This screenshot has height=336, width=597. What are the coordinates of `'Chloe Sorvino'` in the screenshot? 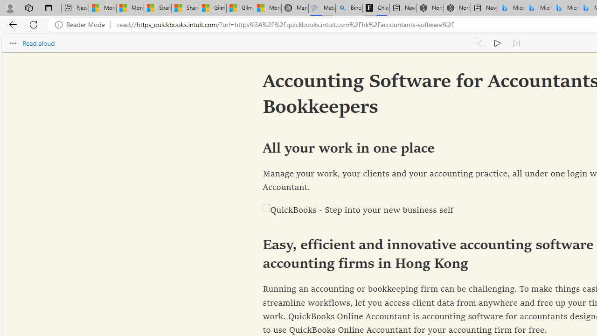 It's located at (376, 8).